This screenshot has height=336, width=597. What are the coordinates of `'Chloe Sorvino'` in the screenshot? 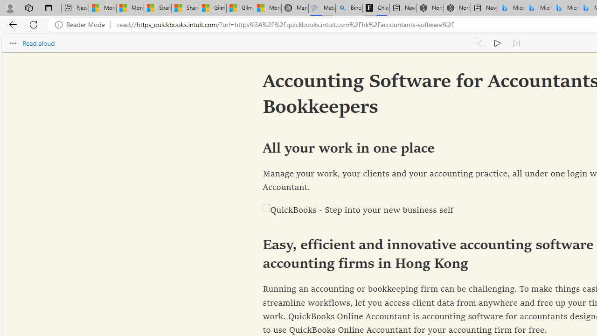 It's located at (376, 8).